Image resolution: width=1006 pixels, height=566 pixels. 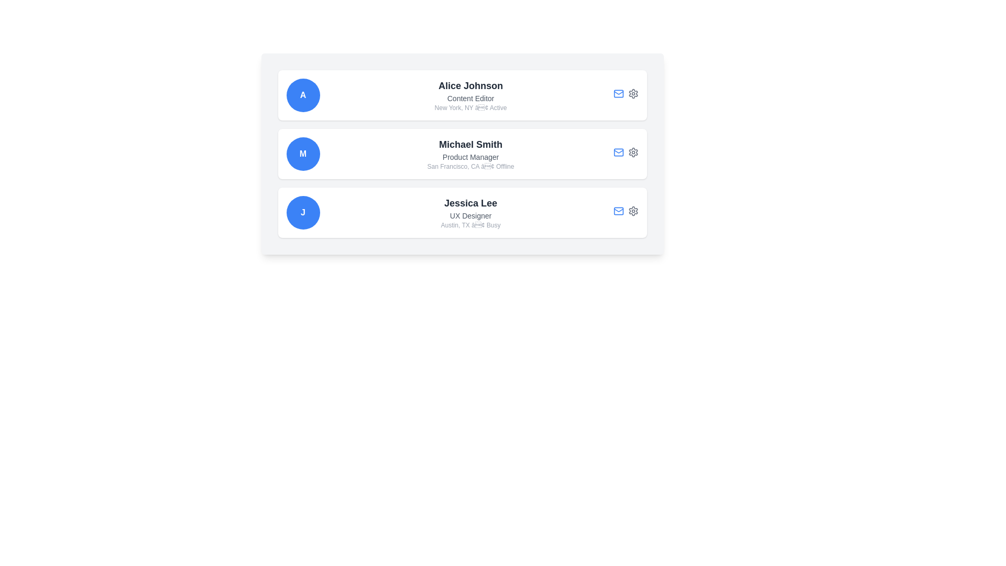 What do you see at coordinates (626, 154) in the screenshot?
I see `the group of action icons representing a blue mail envelope and a gray gear, located on the far-right side of the user information panel for 'Michael Smith'` at bounding box center [626, 154].